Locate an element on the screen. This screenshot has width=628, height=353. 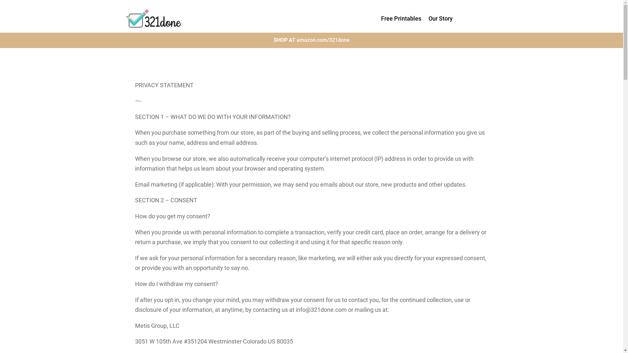
'Free Printables' is located at coordinates (401, 20).